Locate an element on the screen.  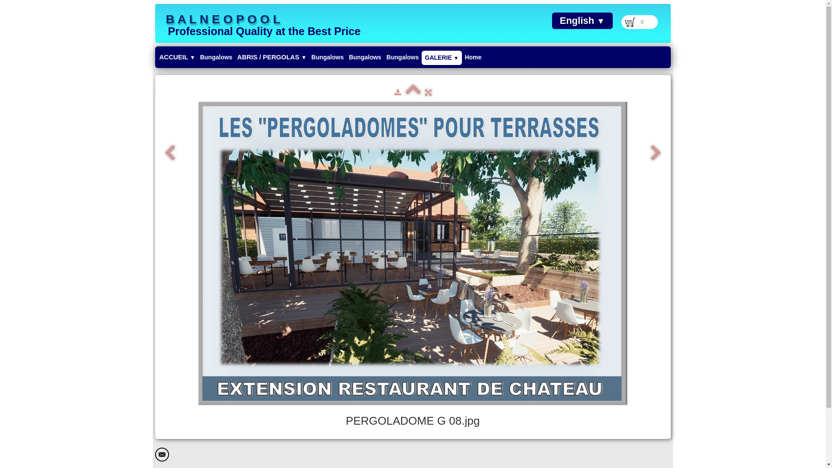
'Home' is located at coordinates (472, 57).